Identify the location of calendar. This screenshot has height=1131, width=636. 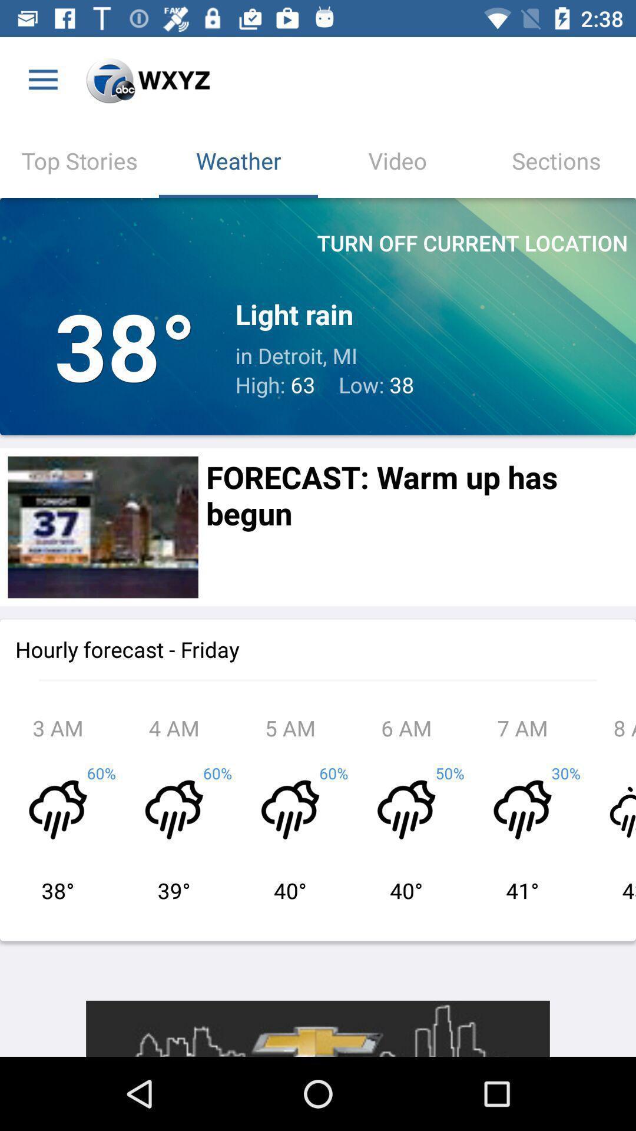
(102, 527).